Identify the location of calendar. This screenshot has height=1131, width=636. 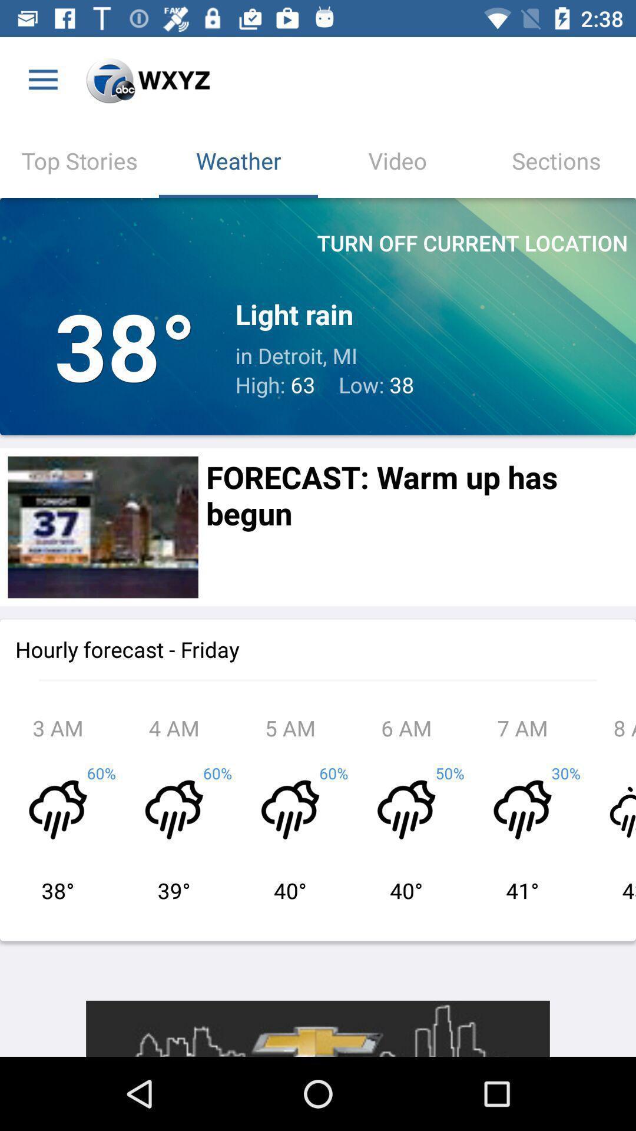
(102, 527).